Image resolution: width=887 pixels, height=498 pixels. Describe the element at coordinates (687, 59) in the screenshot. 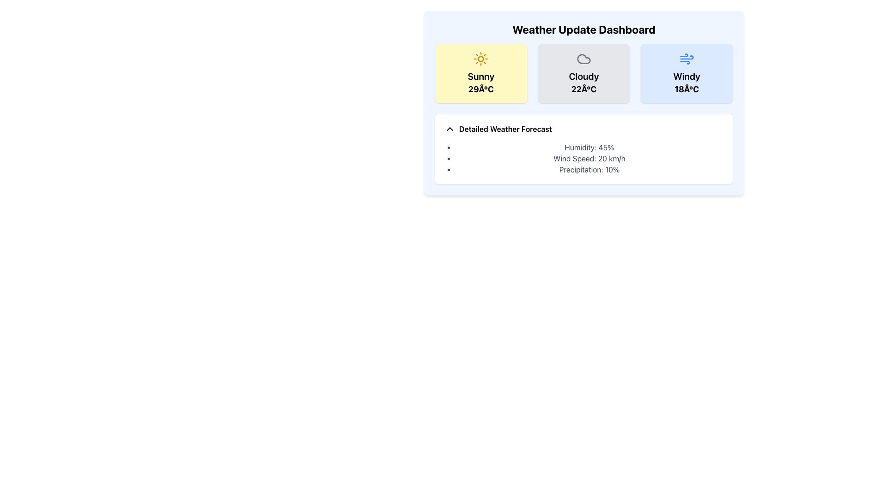

I see `the wind flow icon, which is styled in blue and positioned within the weather card titled 'Windy' located at the top right corner of the dashboard` at that location.